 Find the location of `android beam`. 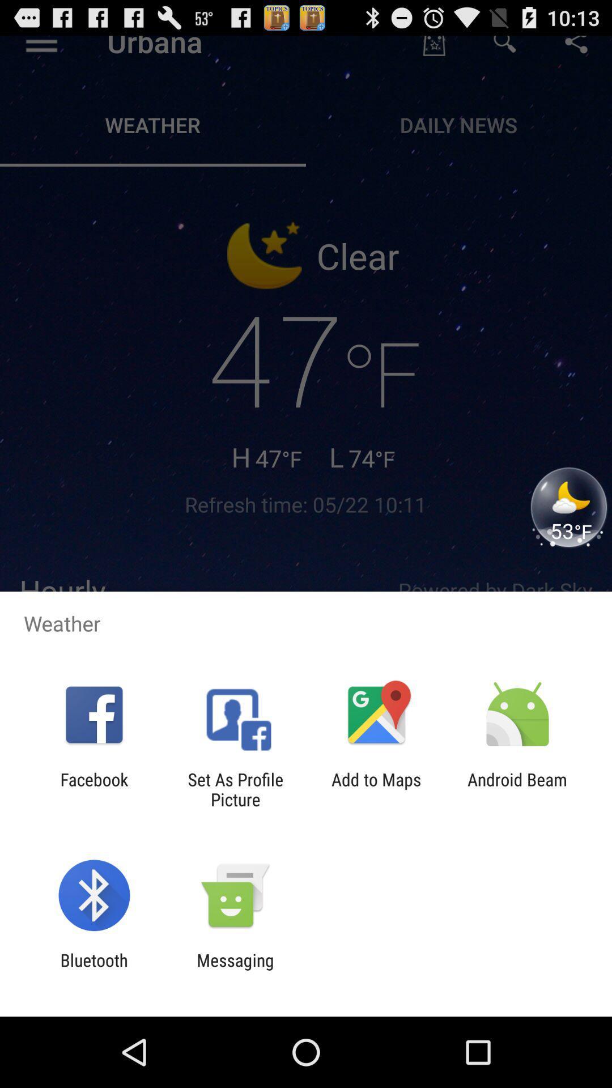

android beam is located at coordinates (517, 789).